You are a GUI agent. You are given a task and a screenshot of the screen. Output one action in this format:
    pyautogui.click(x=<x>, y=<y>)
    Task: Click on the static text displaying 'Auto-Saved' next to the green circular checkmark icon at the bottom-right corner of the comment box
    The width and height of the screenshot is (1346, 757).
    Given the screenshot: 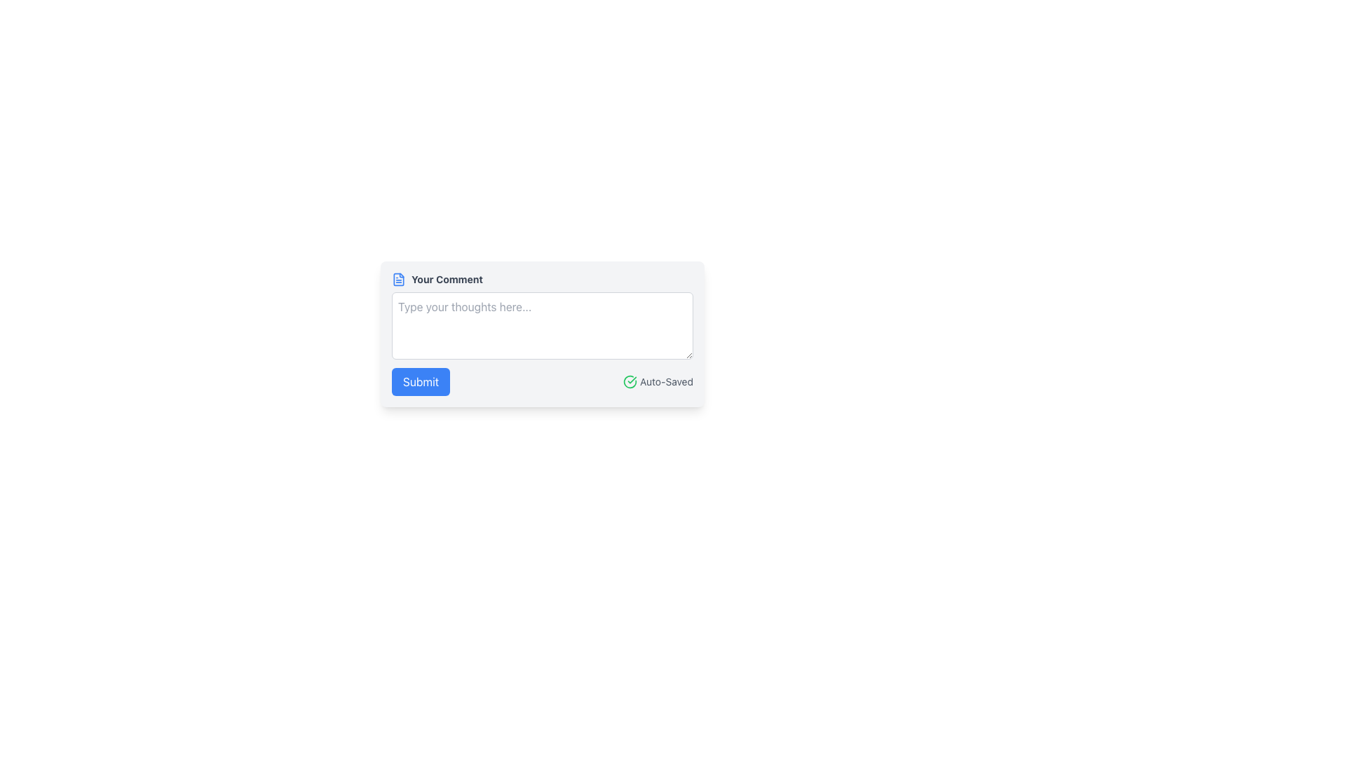 What is the action you would take?
    pyautogui.click(x=665, y=381)
    